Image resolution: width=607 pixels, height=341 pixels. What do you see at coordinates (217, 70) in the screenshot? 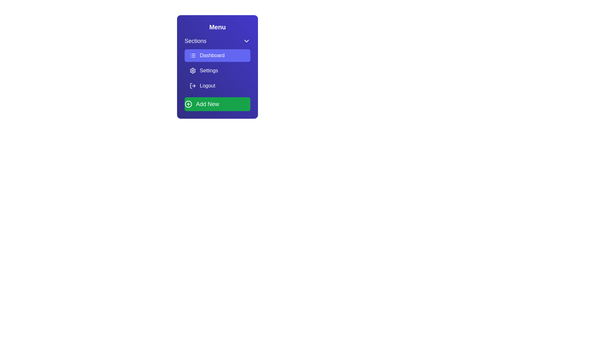
I see `the menu item labeled Settings to observe visual feedback` at bounding box center [217, 70].